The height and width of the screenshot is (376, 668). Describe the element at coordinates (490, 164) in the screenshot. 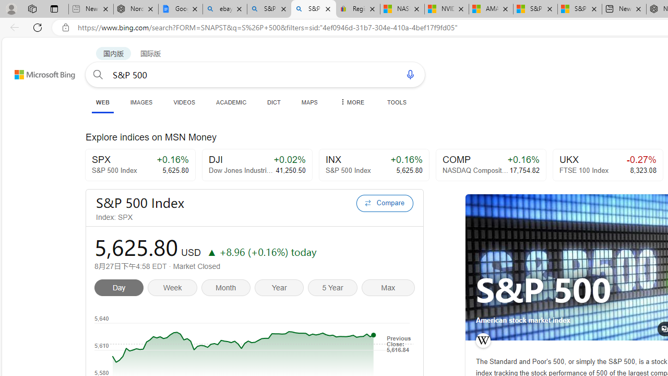

I see `'COMP +0.16% NASDAQ Composite Index 17,754.82'` at that location.